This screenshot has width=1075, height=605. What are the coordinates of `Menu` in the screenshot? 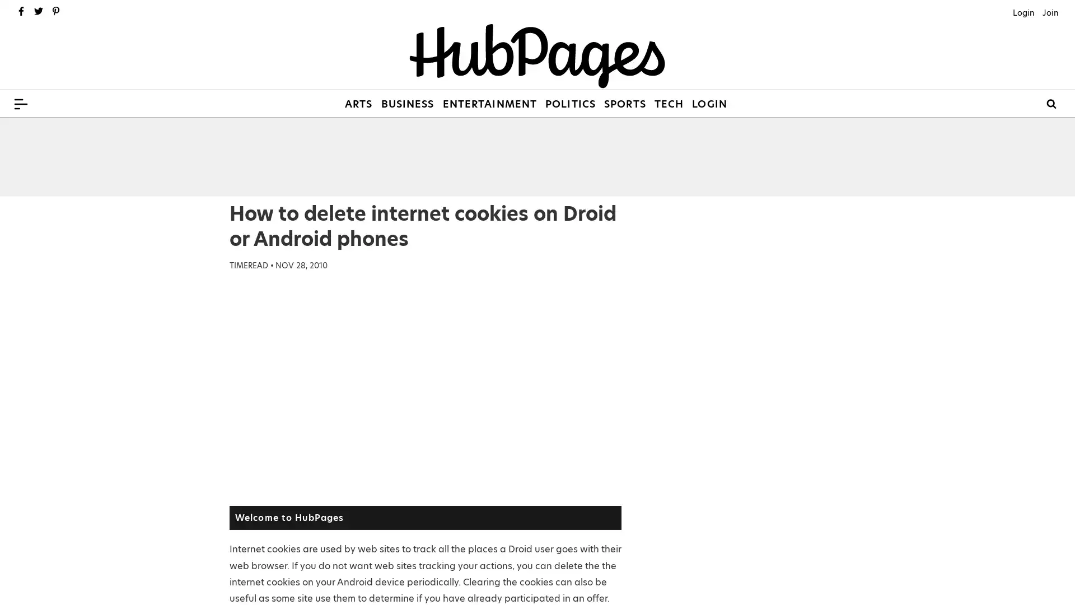 It's located at (21, 104).